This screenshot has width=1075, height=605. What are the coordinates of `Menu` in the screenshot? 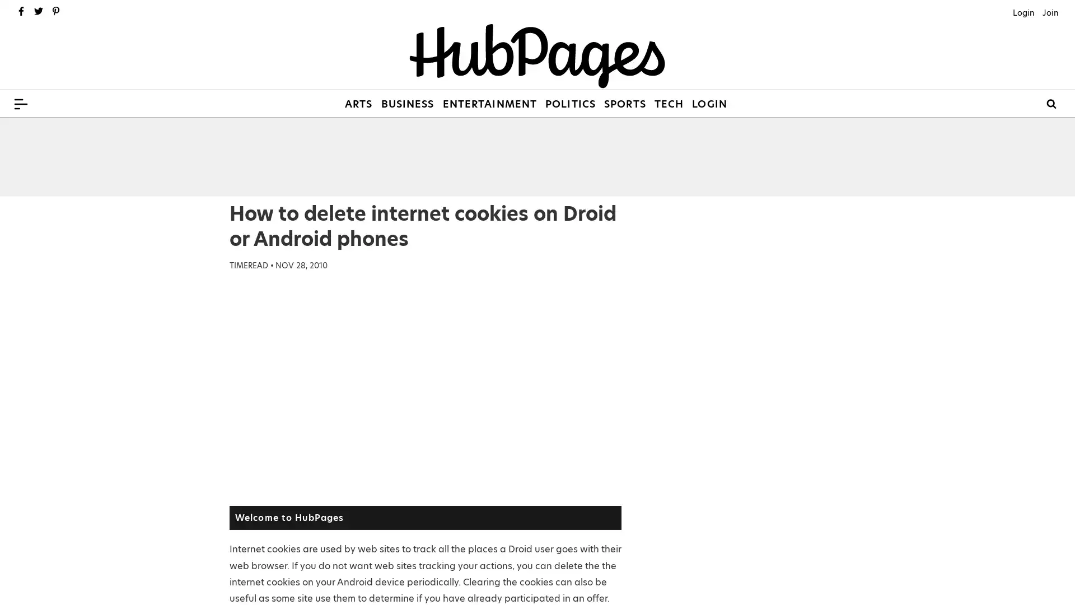 It's located at (21, 104).